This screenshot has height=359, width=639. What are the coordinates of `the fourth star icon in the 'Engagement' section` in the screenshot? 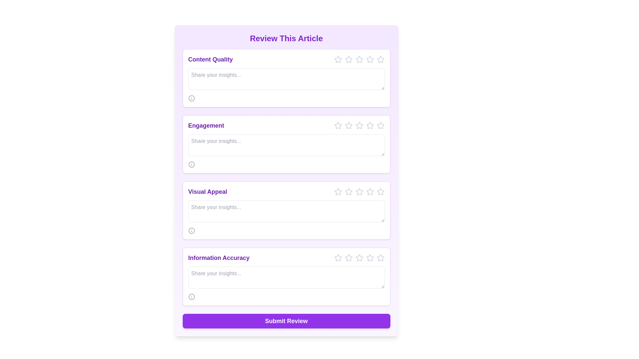 It's located at (369, 125).